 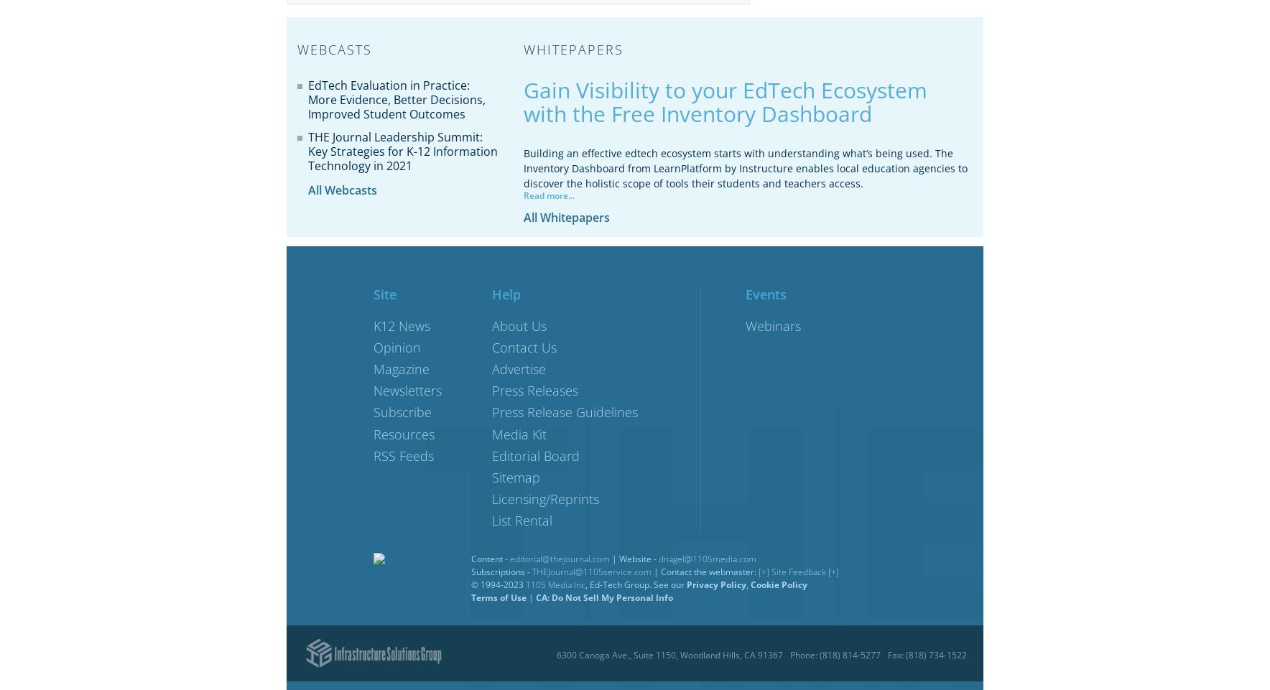 What do you see at coordinates (835, 655) in the screenshot?
I see `'Phone: (818) 814-5277'` at bounding box center [835, 655].